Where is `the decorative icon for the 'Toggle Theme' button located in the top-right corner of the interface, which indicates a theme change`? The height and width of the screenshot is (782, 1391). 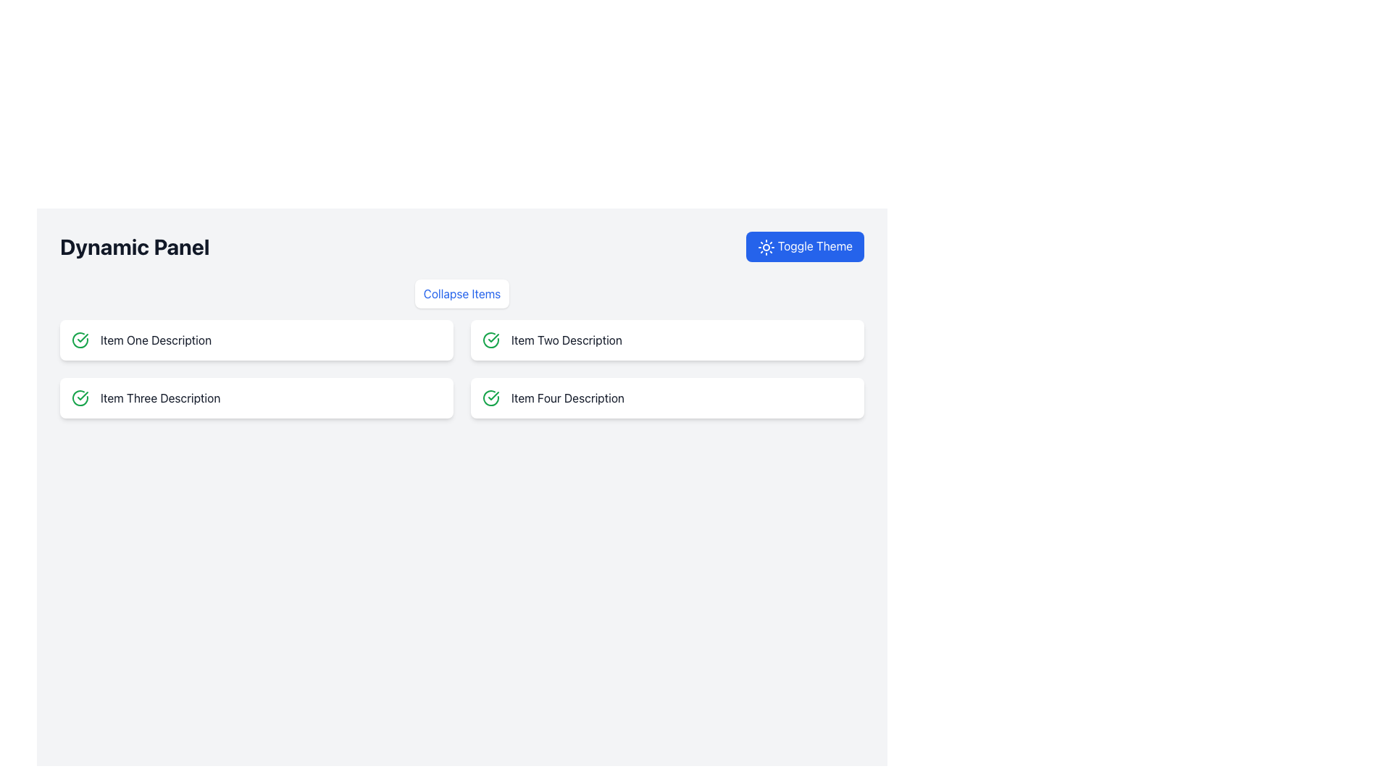
the decorative icon for the 'Toggle Theme' button located in the top-right corner of the interface, which indicates a theme change is located at coordinates (765, 246).